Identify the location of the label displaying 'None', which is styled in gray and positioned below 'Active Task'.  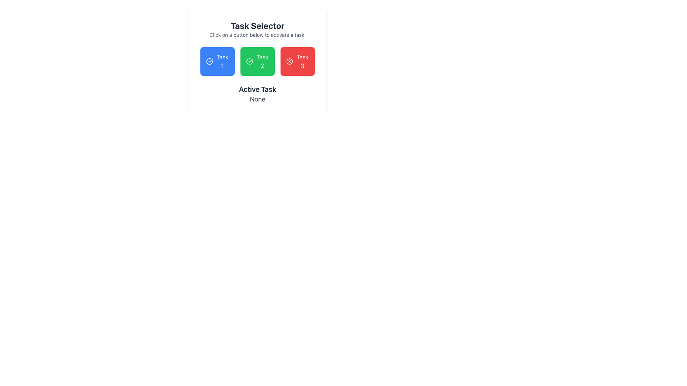
(258, 99).